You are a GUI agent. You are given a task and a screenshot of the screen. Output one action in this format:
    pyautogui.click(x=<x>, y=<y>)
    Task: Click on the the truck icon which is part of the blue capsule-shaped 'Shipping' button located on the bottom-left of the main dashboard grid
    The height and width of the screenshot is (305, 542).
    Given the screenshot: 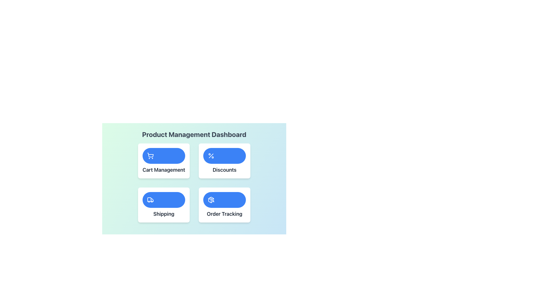 What is the action you would take?
    pyautogui.click(x=149, y=199)
    